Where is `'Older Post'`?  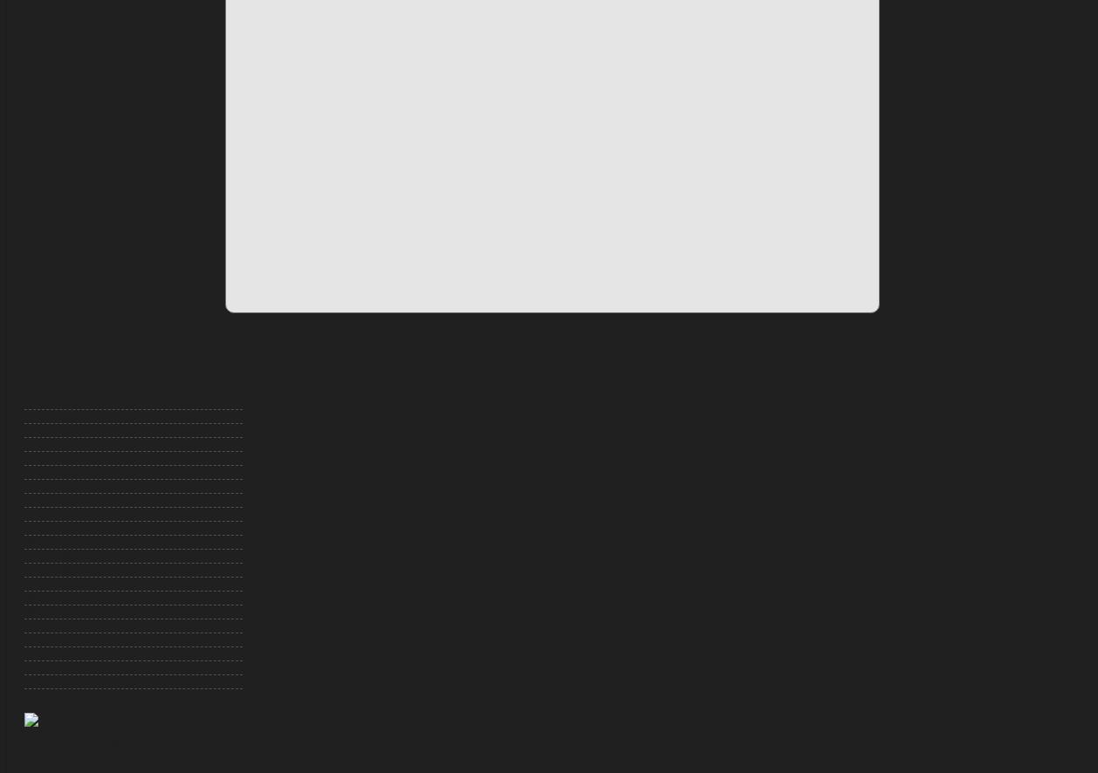
'Older Post' is located at coordinates (349, 352).